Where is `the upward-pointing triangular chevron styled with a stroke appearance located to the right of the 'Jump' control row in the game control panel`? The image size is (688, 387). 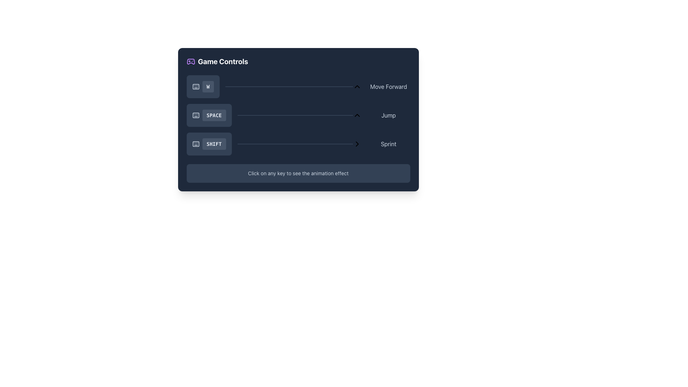
the upward-pointing triangular chevron styled with a stroke appearance located to the right of the 'Jump' control row in the game control panel is located at coordinates (357, 115).